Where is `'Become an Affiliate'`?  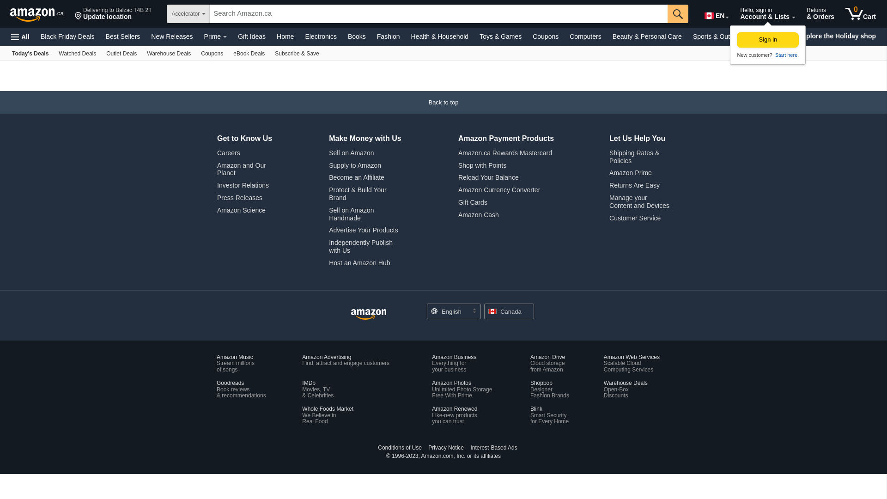
'Become an Affiliate' is located at coordinates (356, 177).